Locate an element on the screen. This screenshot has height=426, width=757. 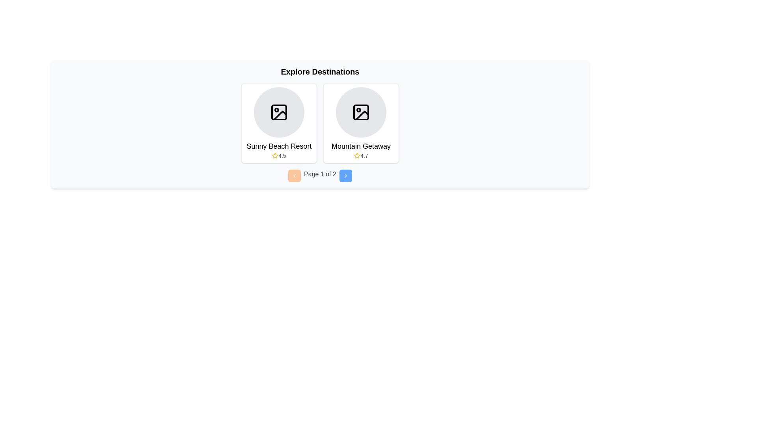
the icon representing the 'Mountain Getaway' destination, which is centered within a circular gray background in the second card of the carousel view is located at coordinates (361, 112).